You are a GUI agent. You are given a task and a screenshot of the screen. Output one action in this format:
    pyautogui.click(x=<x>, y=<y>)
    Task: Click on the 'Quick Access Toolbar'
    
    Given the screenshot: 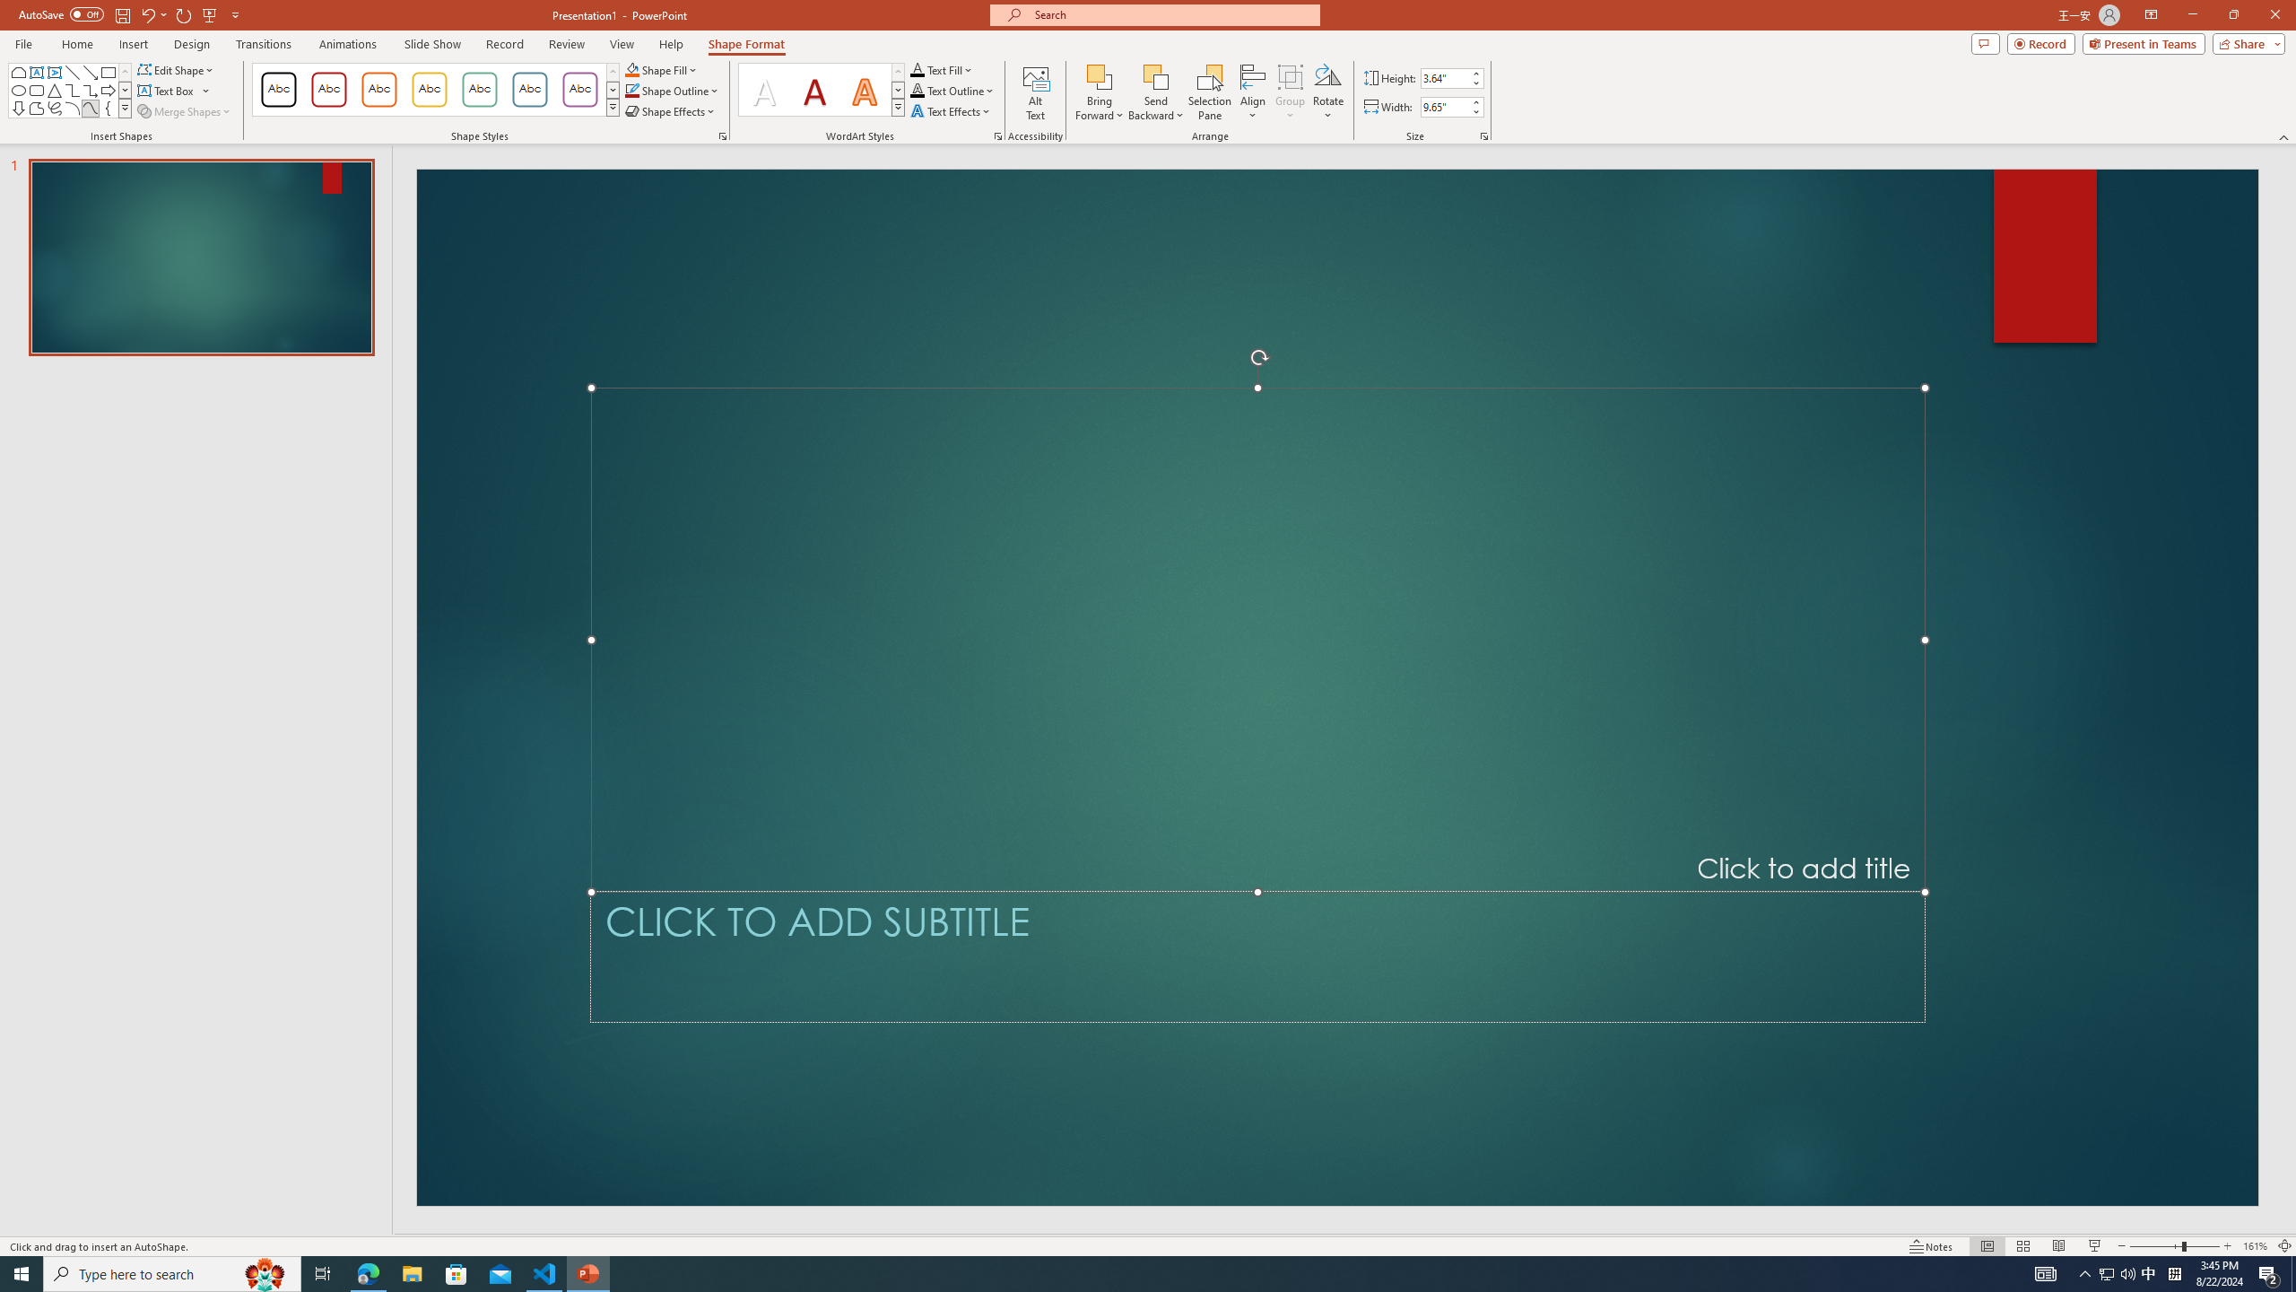 What is the action you would take?
    pyautogui.click(x=129, y=14)
    